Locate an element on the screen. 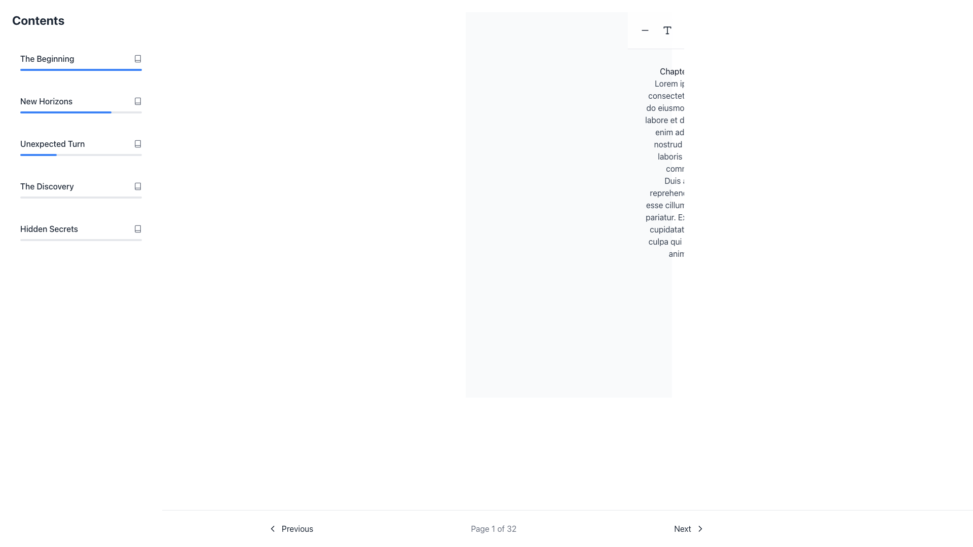 The height and width of the screenshot is (547, 973). the interactive vector graphic icon located to the right of the 'Hidden Secrets' text in the left-side navigation menu is located at coordinates (137, 228).